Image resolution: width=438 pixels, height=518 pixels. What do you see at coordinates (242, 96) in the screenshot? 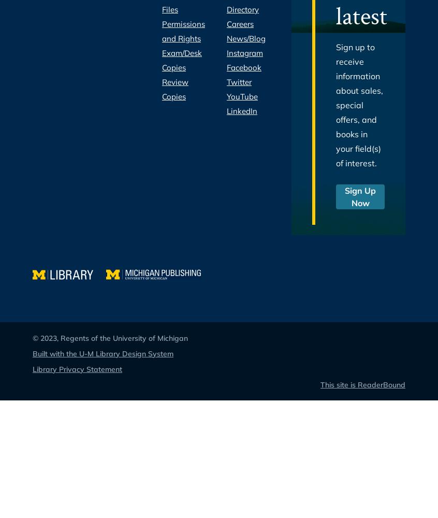
I see `'YouTube'` at bounding box center [242, 96].